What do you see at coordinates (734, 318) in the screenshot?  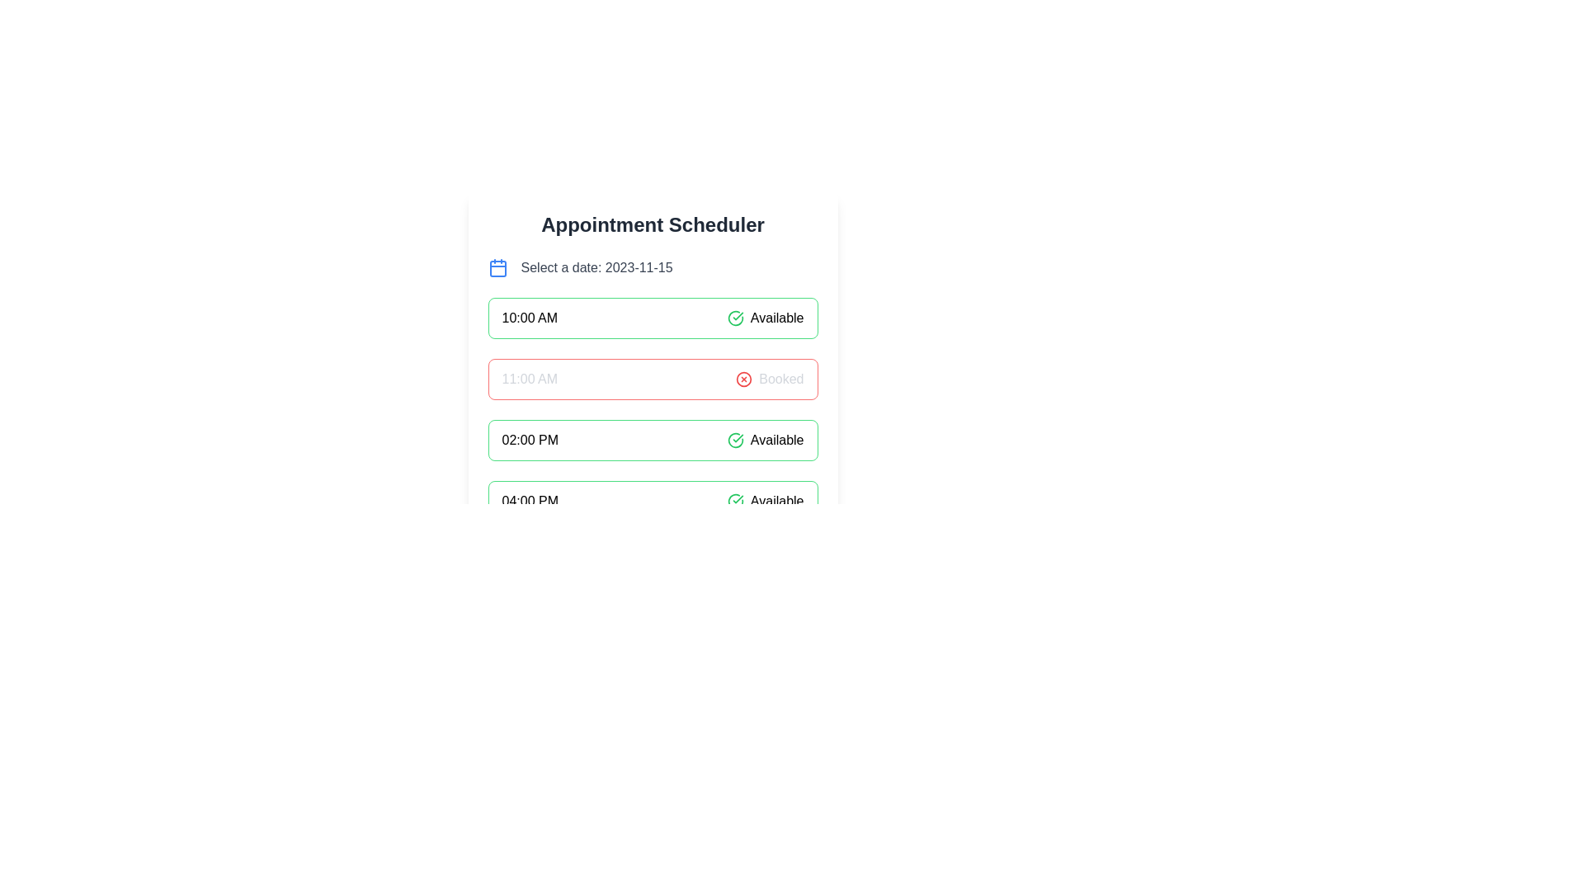 I see `the green circular icon with a white checkmark located next to the text 'Available' in the '02:00 PM' time slot row` at bounding box center [734, 318].